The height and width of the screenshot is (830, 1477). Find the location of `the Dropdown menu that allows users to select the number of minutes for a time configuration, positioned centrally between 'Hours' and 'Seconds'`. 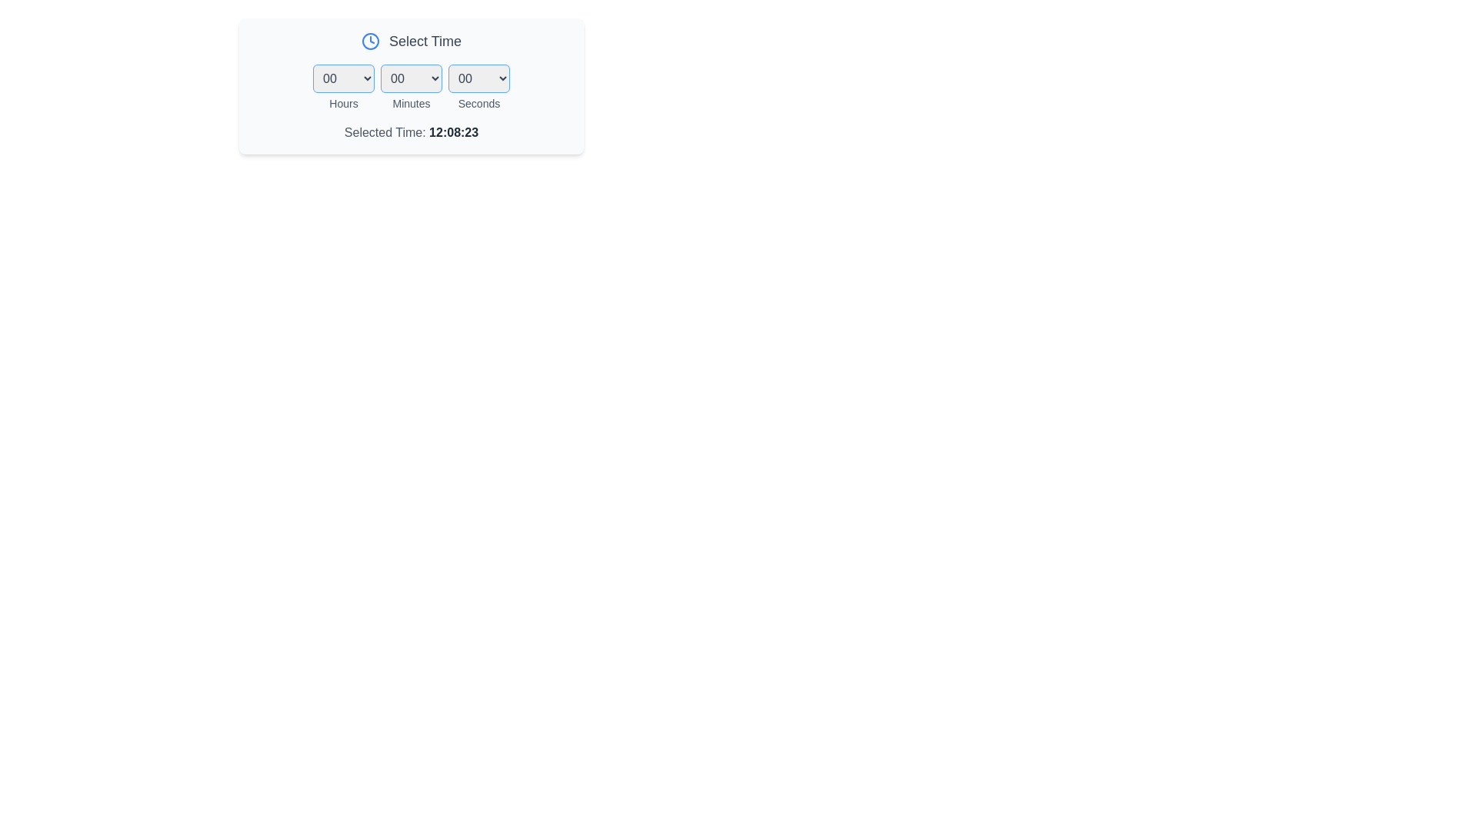

the Dropdown menu that allows users to select the number of minutes for a time configuration, positioned centrally between 'Hours' and 'Seconds' is located at coordinates (411, 78).